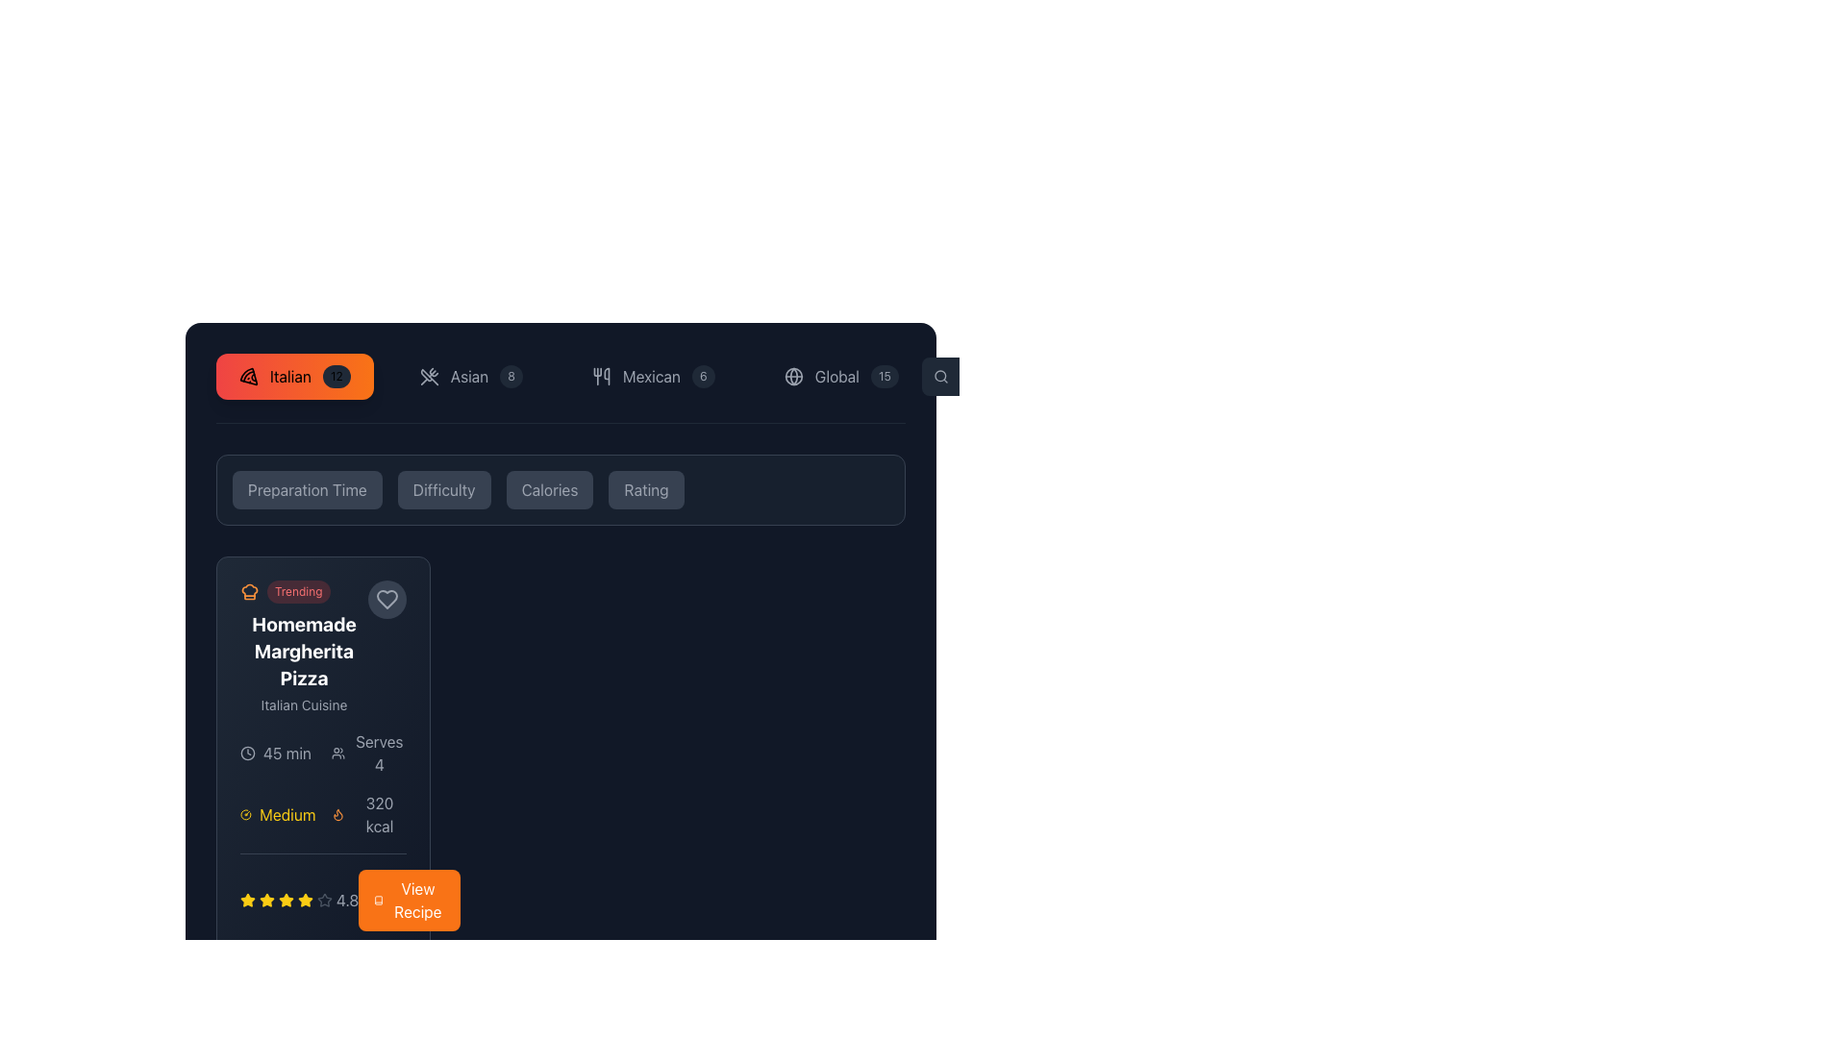  Describe the element at coordinates (337, 815) in the screenshot. I see `the flame-shaped icon representing calorie information, located to the left of the text '320 kcal'` at that location.